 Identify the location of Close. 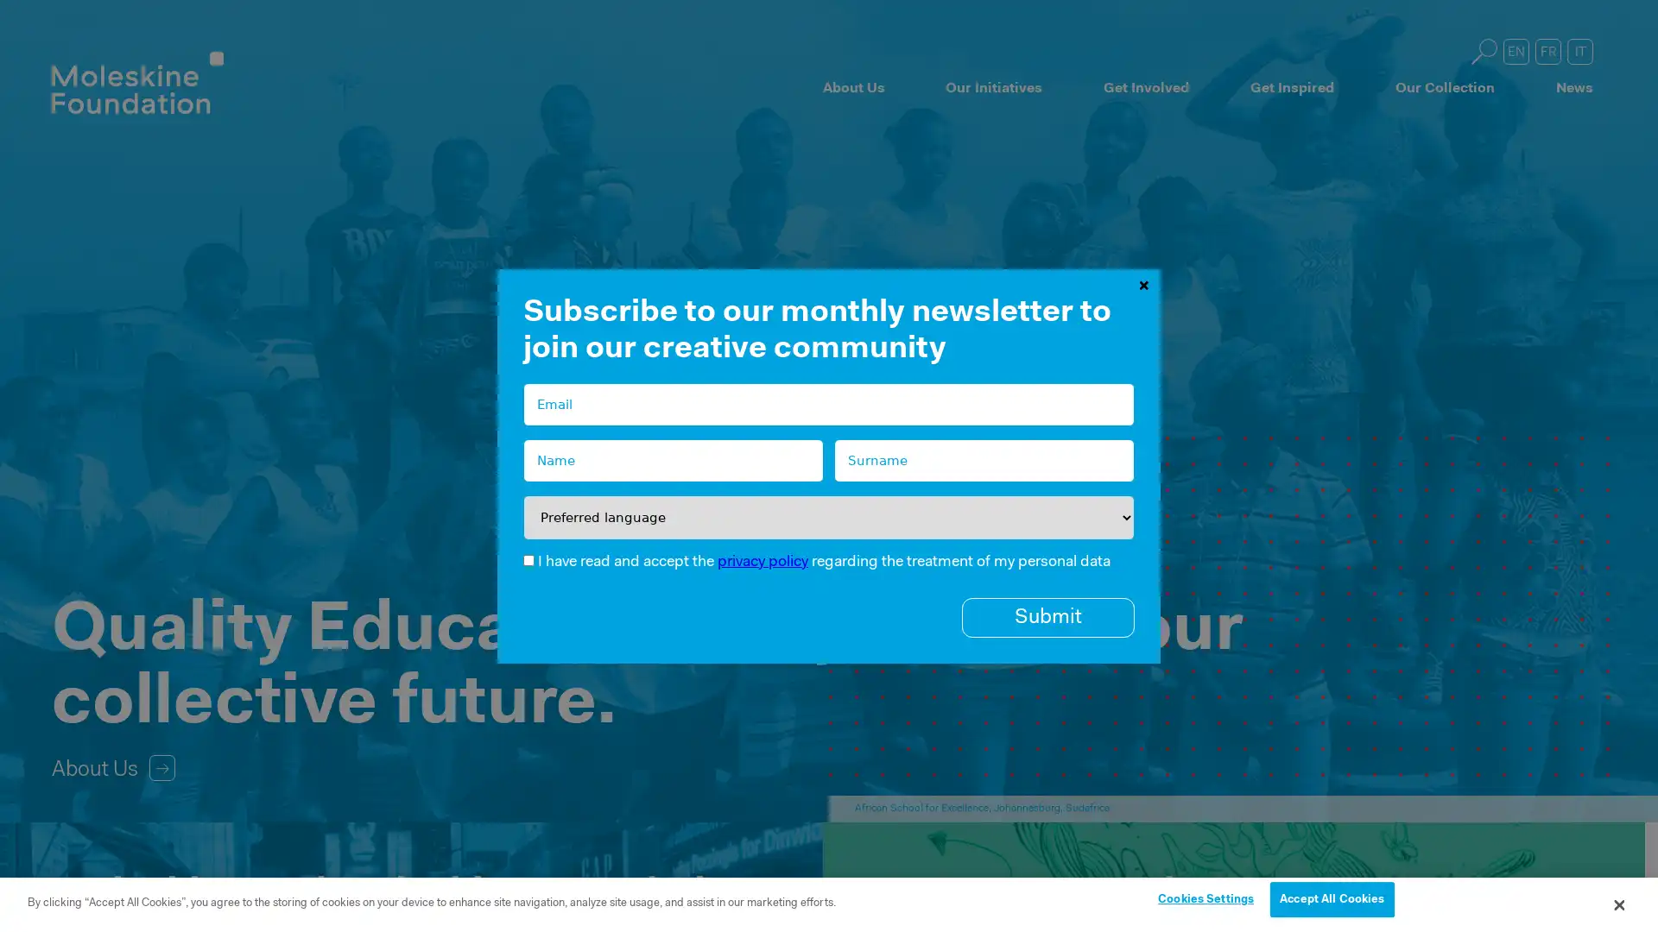
(1617, 904).